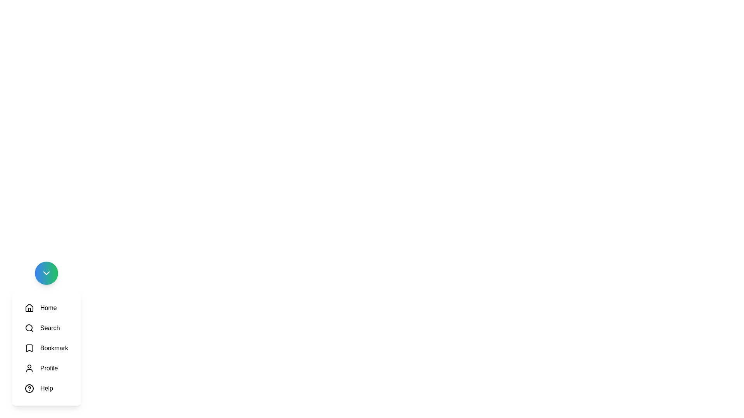 This screenshot has width=744, height=418. What do you see at coordinates (46, 348) in the screenshot?
I see `the Bookmark option in the menu` at bounding box center [46, 348].